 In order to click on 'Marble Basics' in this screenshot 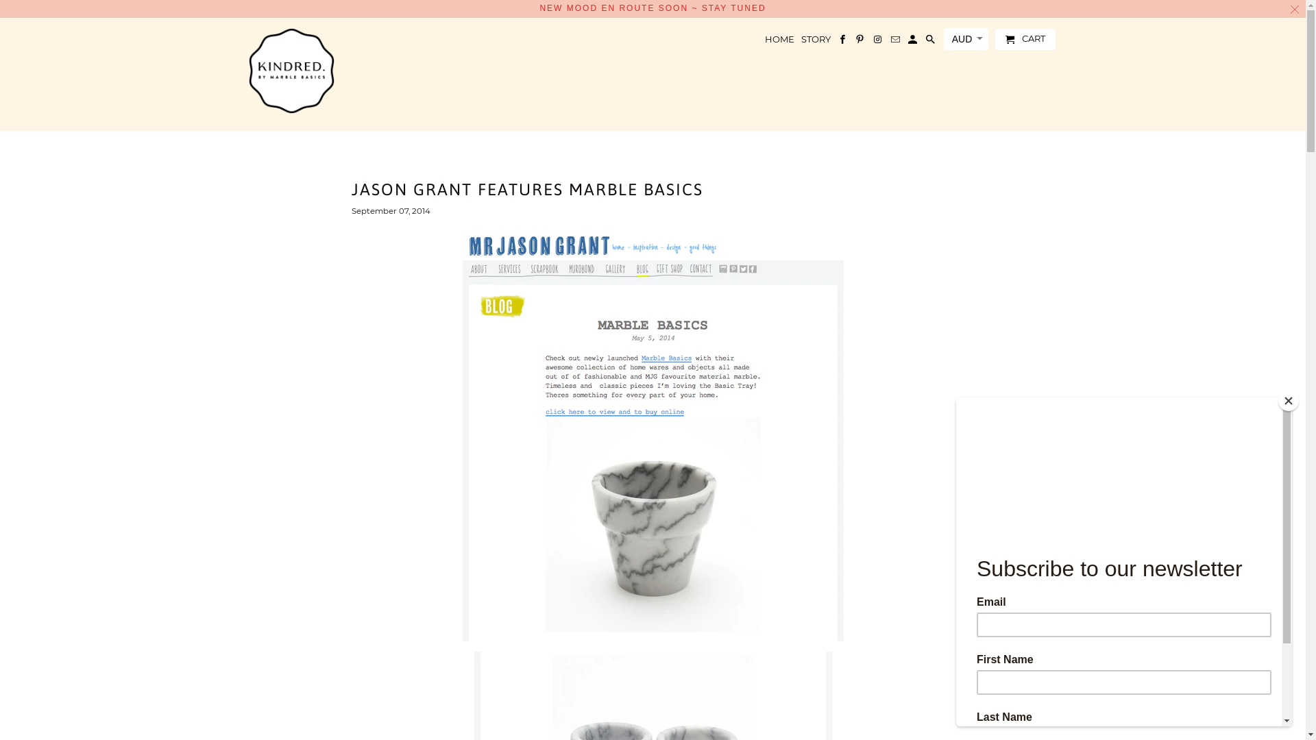, I will do `click(290, 71)`.